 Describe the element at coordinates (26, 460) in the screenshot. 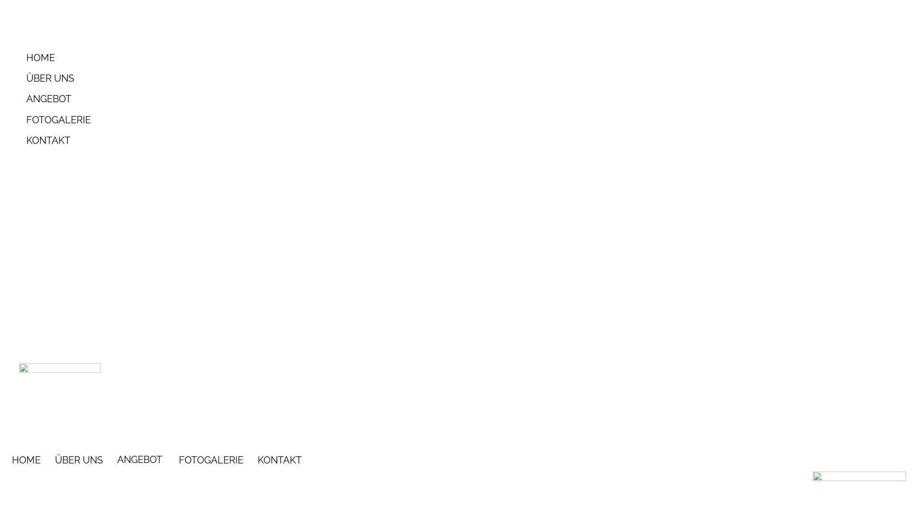

I see `'HOME'` at that location.